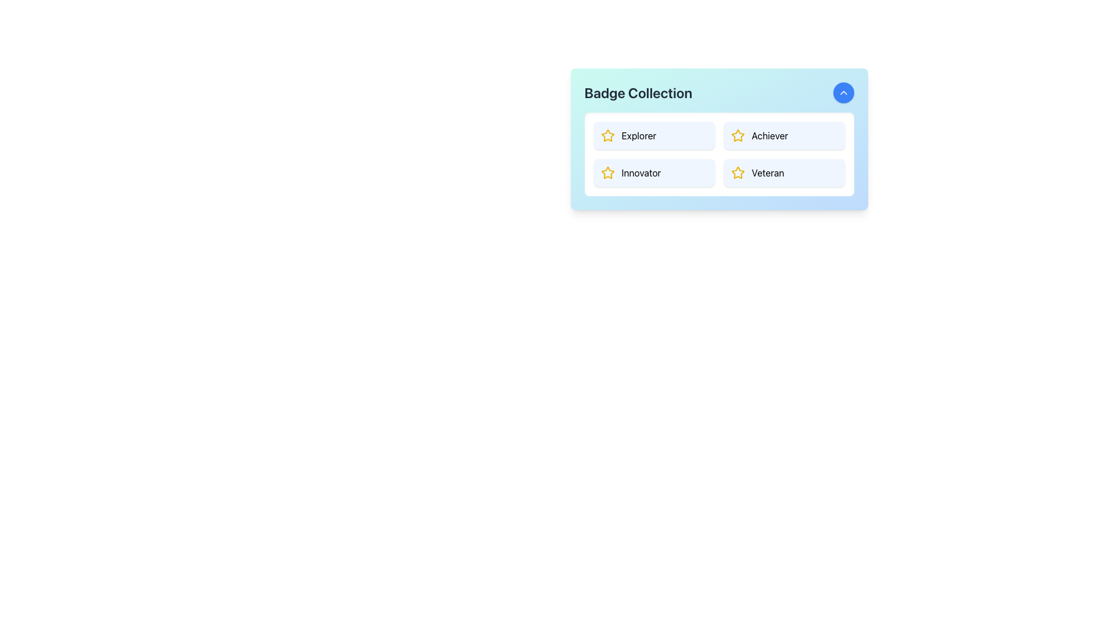 The height and width of the screenshot is (627, 1115). Describe the element at coordinates (654, 172) in the screenshot. I see `the rectangular badge displaying the word 'Innovator' with a yellow star icon, located in the bottom-left of the badge grid` at that location.